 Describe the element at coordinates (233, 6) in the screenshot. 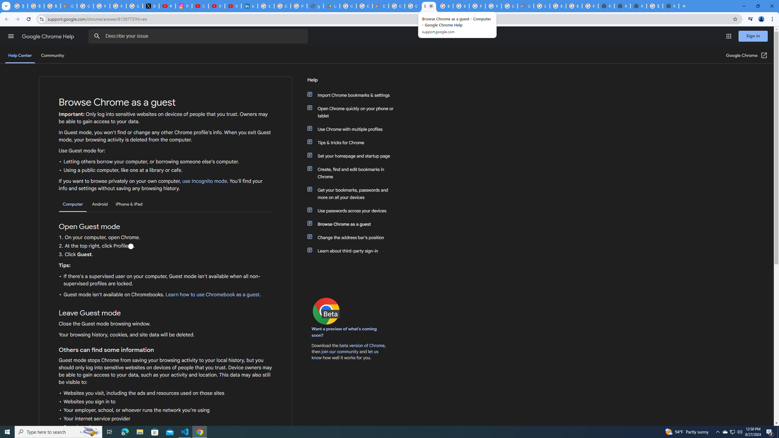

I see `'YouTube Culture & Trends - YouTube Top 10, 2021'` at that location.